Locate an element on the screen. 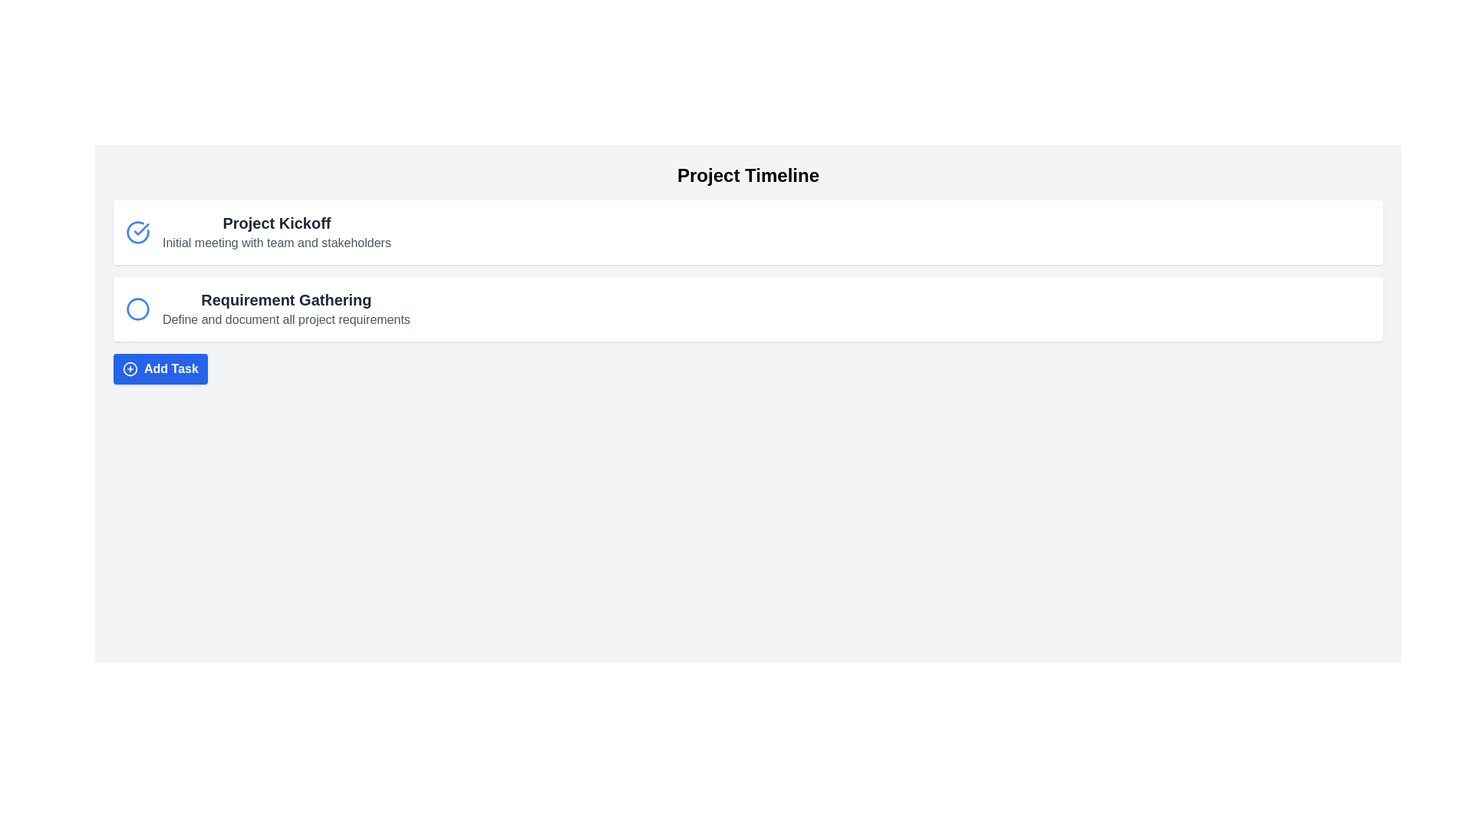 The height and width of the screenshot is (829, 1473). the 'Requirement Gathering' label, which serves as the title and description for a project milestone located in the second task section of a vertically stacked list is located at coordinates (286, 309).